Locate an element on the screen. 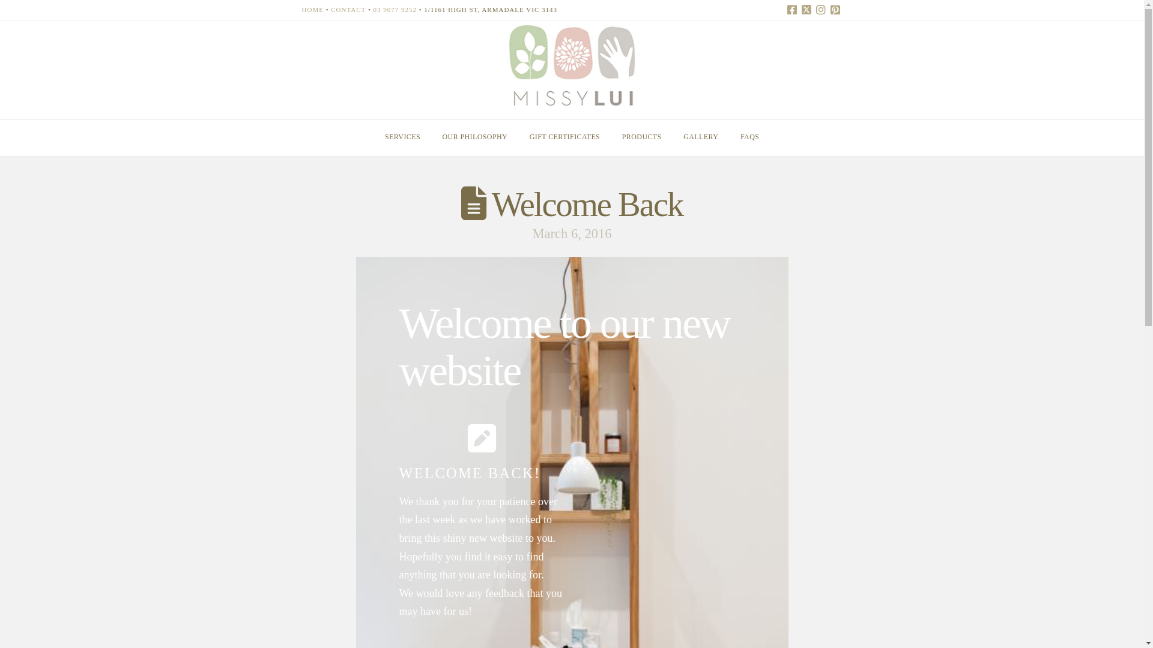  'FAQS' is located at coordinates (749, 137).